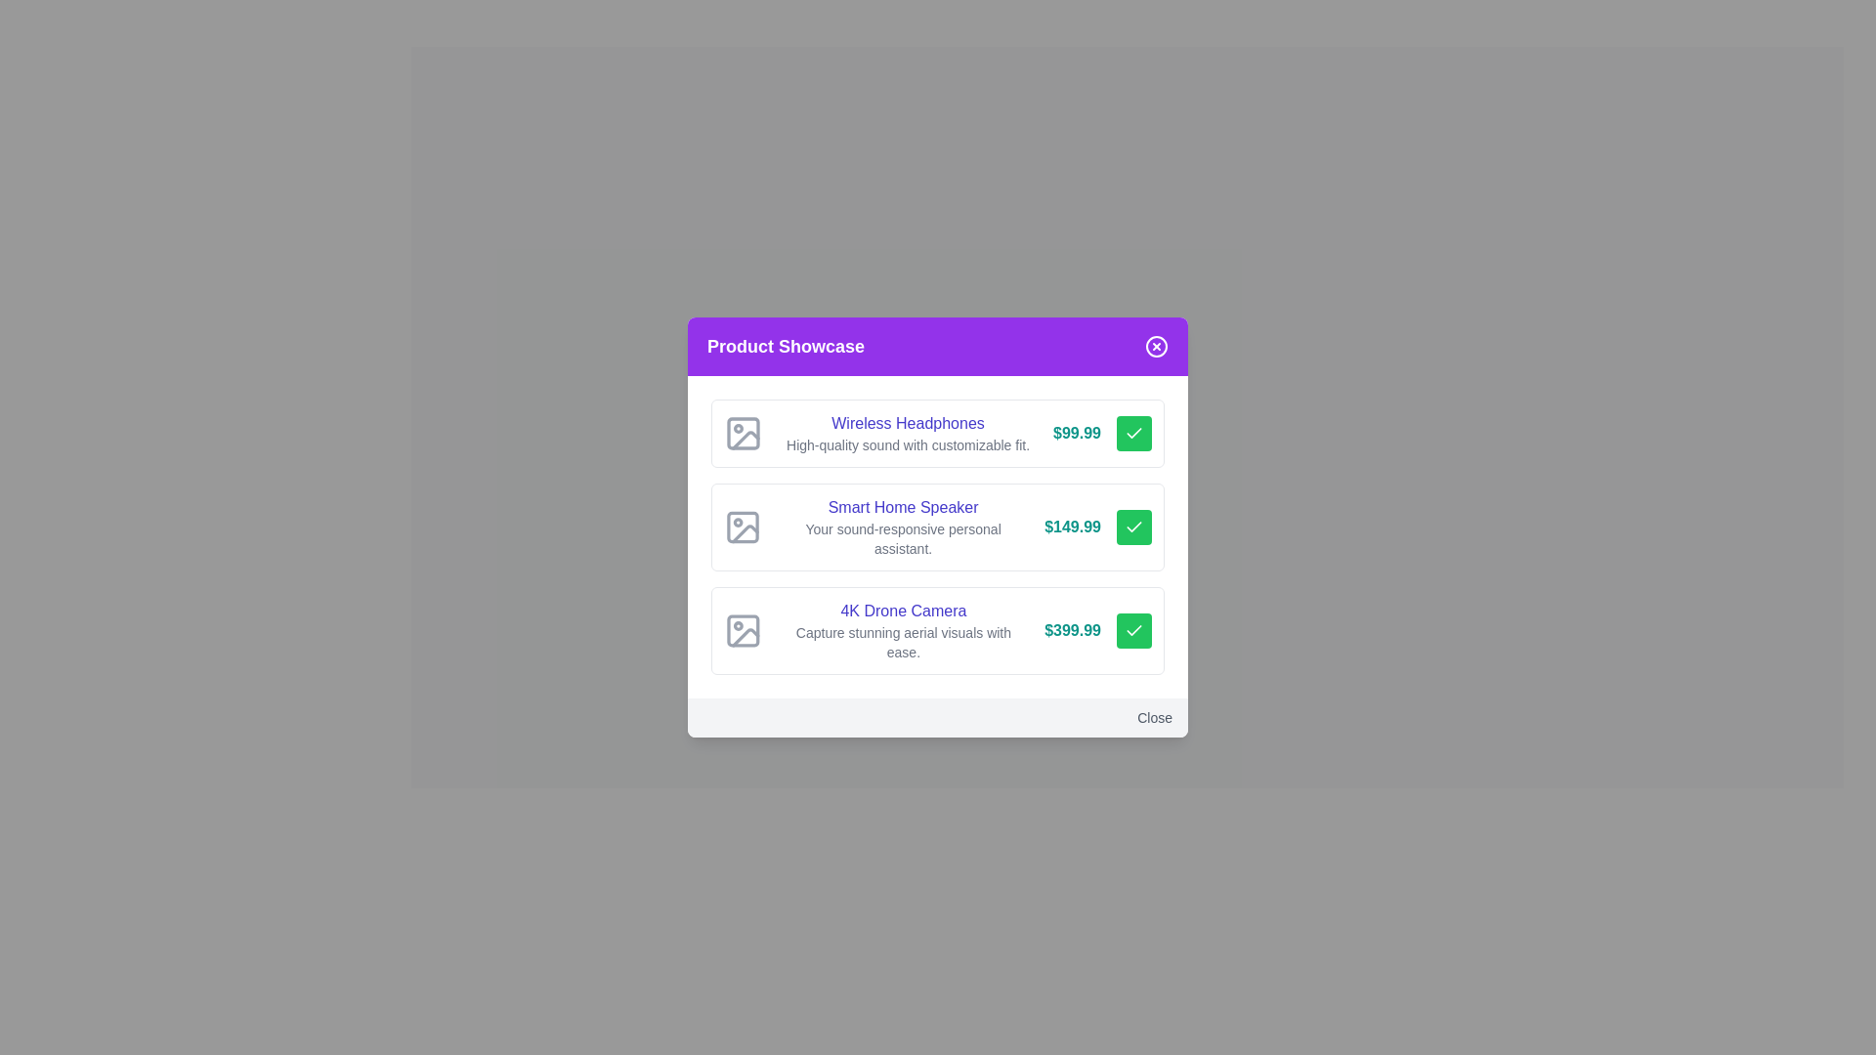  What do you see at coordinates (902, 527) in the screenshot?
I see `the textual description block displaying 'Smart Home Speaker' and 'Your sound-responsive personal assistant.'` at bounding box center [902, 527].